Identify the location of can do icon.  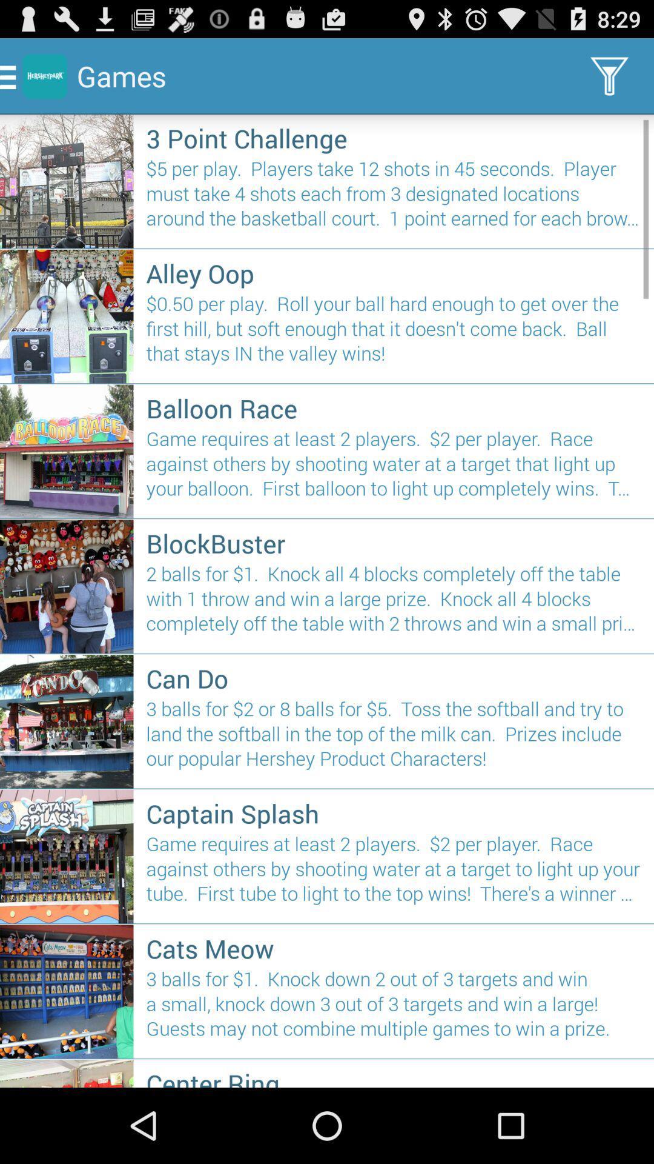
(394, 677).